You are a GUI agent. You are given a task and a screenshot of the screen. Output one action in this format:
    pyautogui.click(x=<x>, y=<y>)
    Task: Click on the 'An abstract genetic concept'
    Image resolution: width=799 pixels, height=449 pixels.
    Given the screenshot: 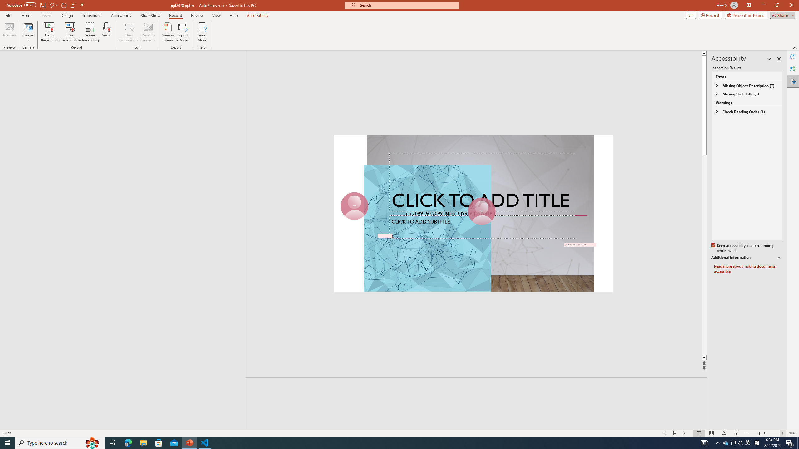 What is the action you would take?
    pyautogui.click(x=476, y=213)
    